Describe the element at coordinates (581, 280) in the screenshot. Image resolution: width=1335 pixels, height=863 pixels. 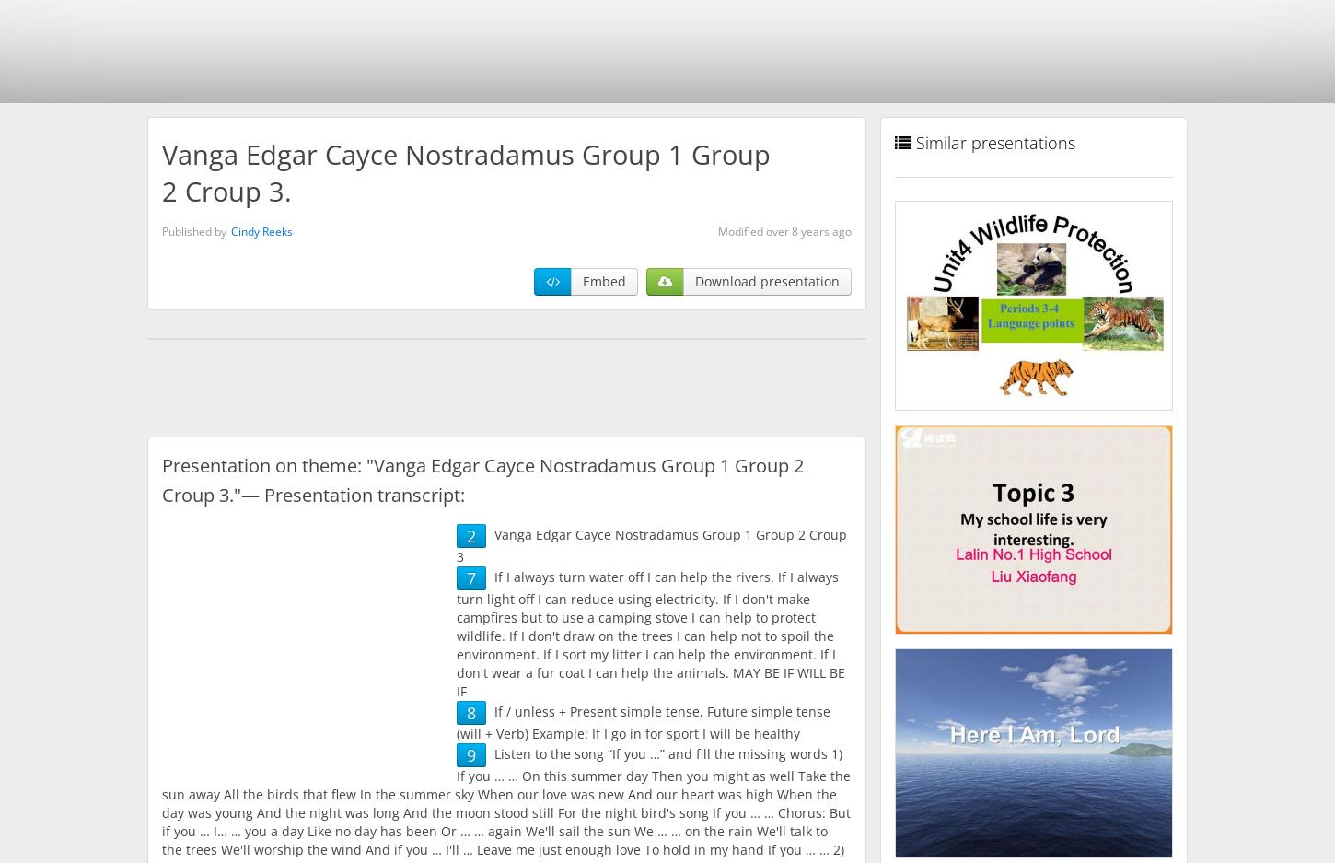
I see `'Embed'` at that location.